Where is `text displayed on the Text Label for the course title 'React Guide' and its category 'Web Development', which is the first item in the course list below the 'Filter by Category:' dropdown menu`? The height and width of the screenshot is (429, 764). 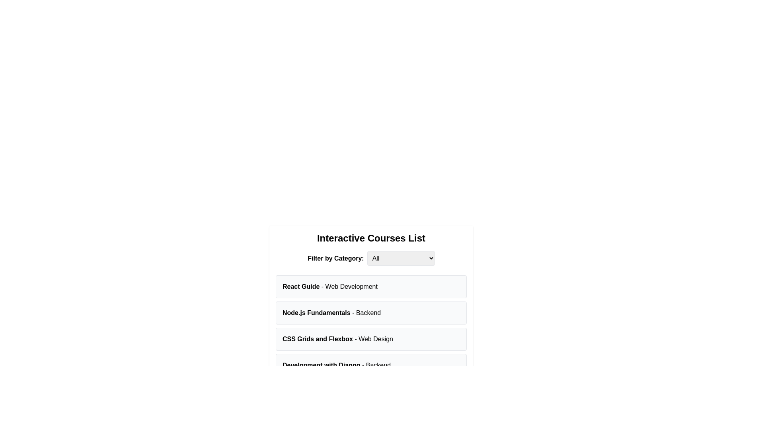 text displayed on the Text Label for the course title 'React Guide' and its category 'Web Development', which is the first item in the course list below the 'Filter by Category:' dropdown menu is located at coordinates (330, 286).